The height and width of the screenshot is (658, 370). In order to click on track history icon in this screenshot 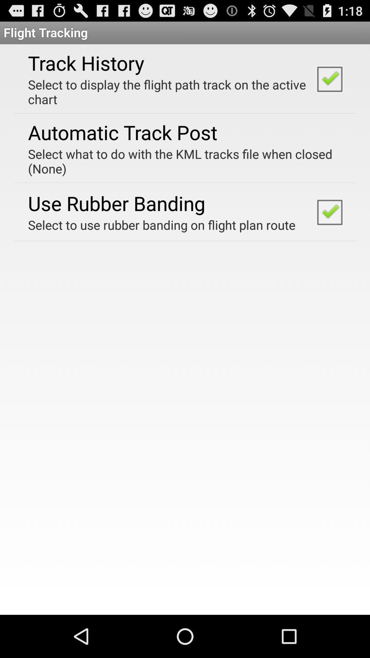, I will do `click(86, 63)`.